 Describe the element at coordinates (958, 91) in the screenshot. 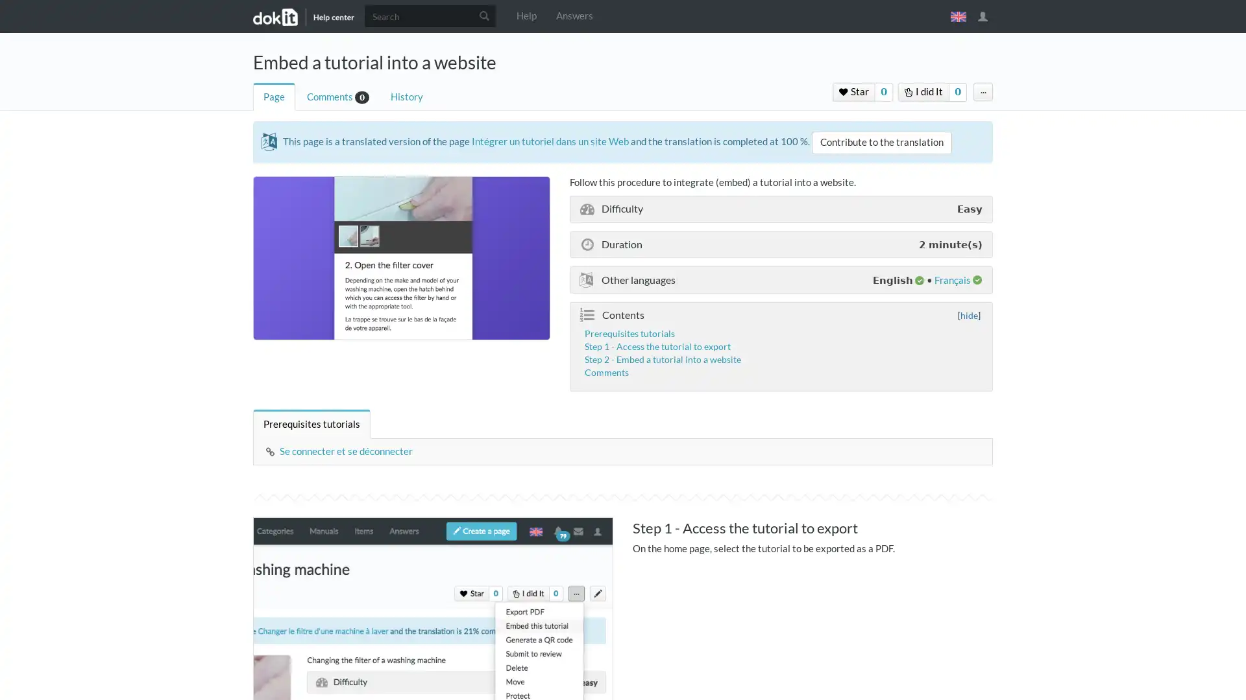

I see `0` at that location.